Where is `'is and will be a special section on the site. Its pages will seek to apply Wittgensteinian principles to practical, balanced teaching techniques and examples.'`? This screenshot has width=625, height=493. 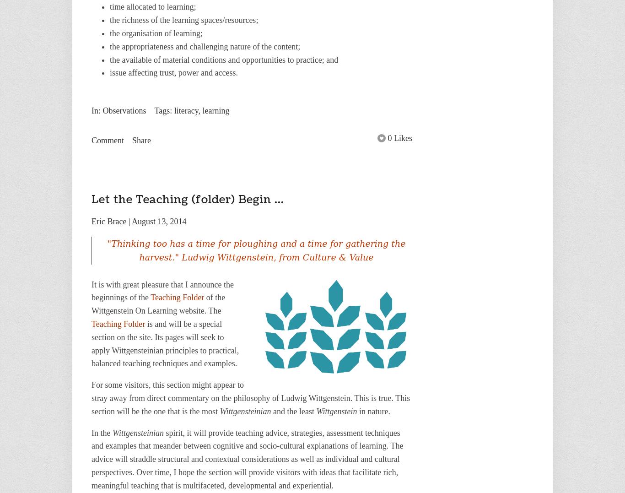
'is and will be a special section on the site. Its pages will seek to apply Wittgensteinian principles to practical, balanced teaching techniques and examples.' is located at coordinates (165, 343).